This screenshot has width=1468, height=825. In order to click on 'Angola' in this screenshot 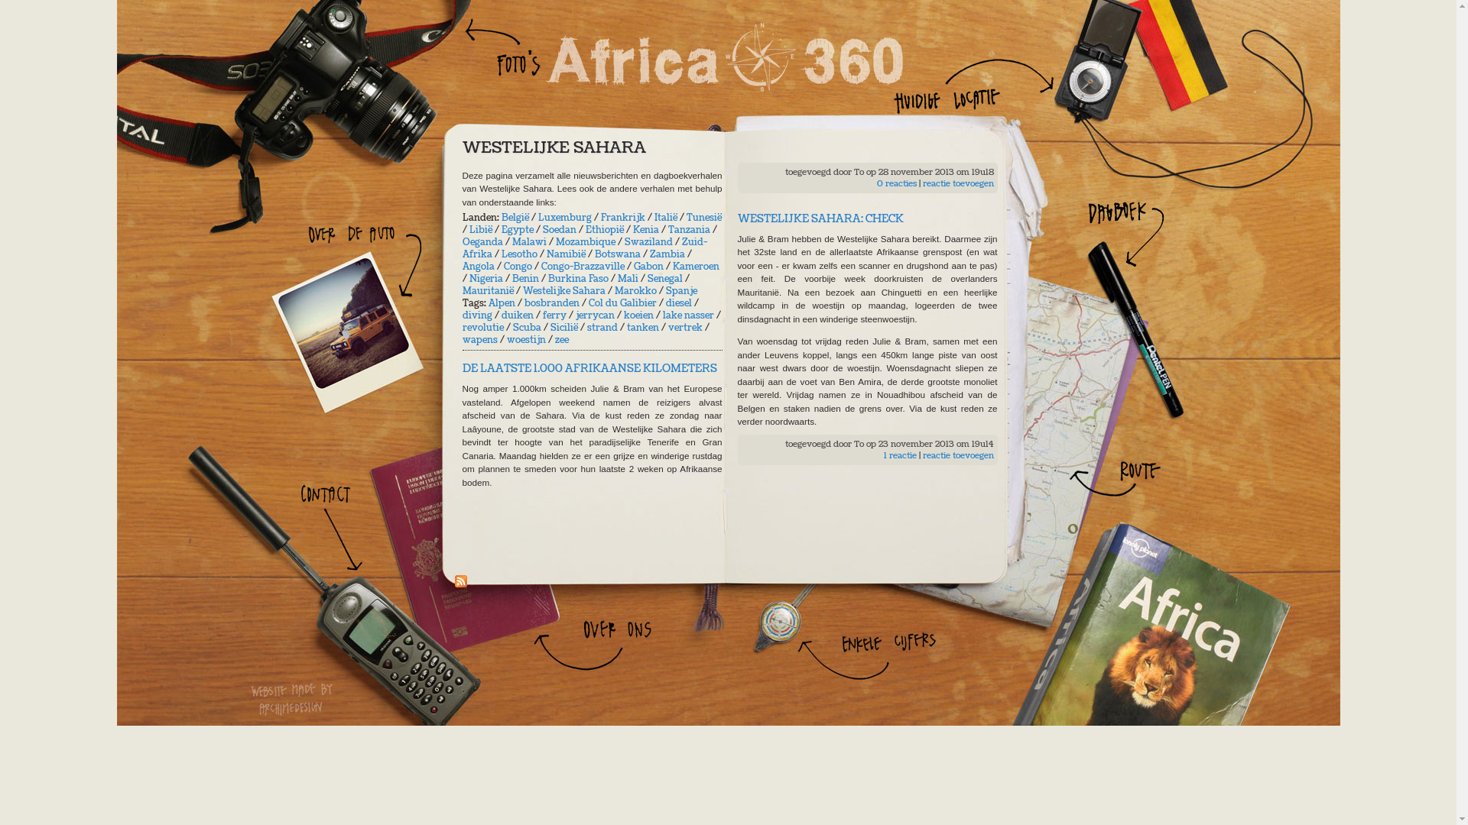, I will do `click(461, 265)`.